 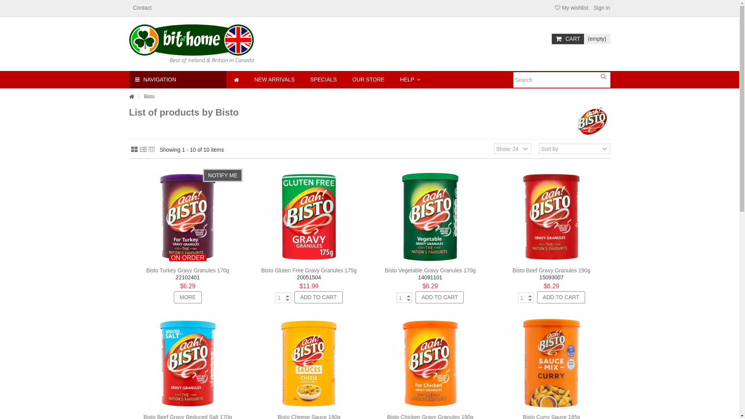 I want to click on 'SPECIALS', so click(x=324, y=80).